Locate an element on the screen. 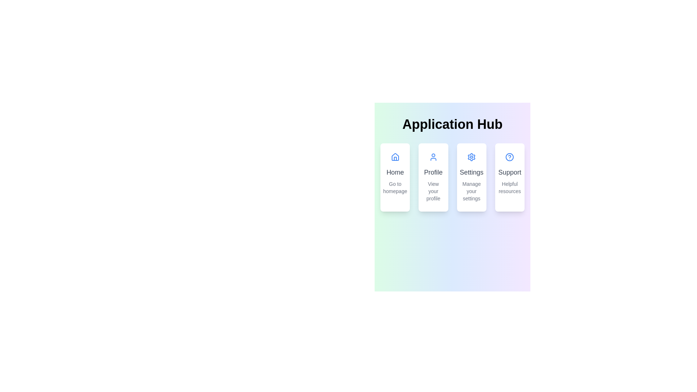 This screenshot has width=697, height=392. text label displaying 'Profile' in bold, gray font, centered within its group, located on the second card in the navigation panel is located at coordinates (433, 172).